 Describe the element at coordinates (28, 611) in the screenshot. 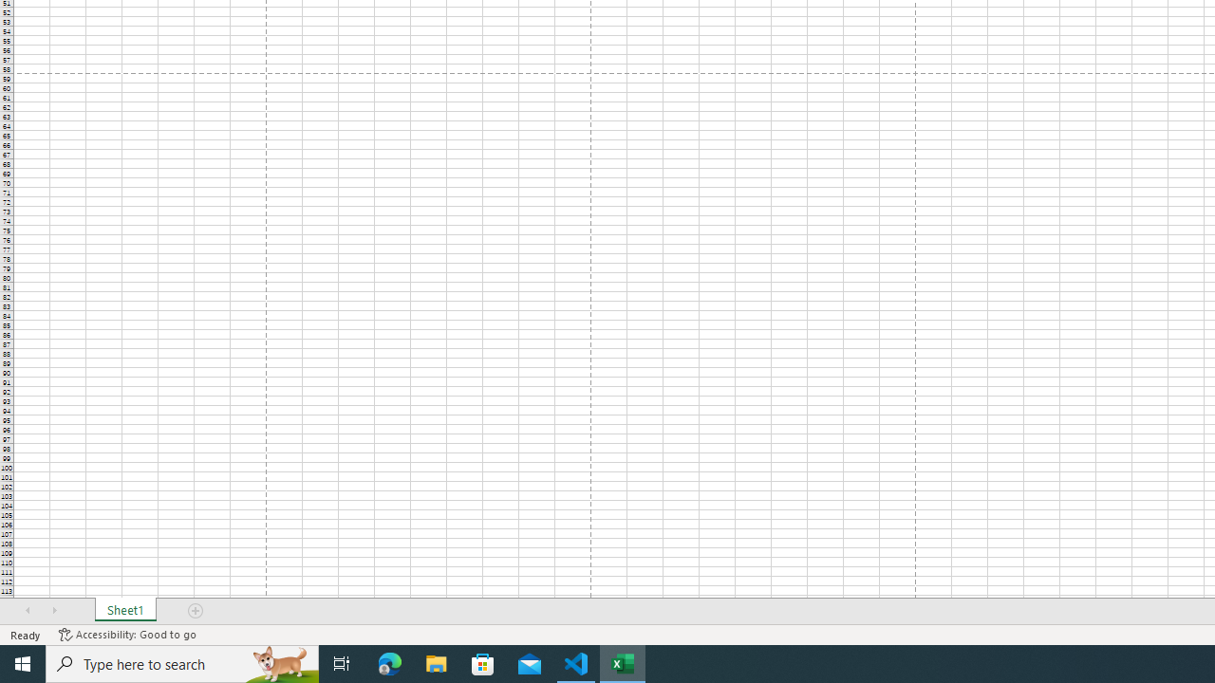

I see `'Scroll Left'` at that location.